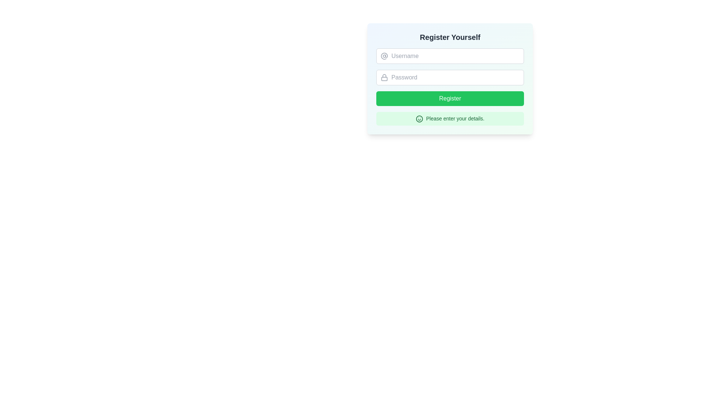 Image resolution: width=709 pixels, height=399 pixels. What do you see at coordinates (419, 118) in the screenshot?
I see `the circular graphical element used as part of an icon located on the left side of the text area at the bottom of the feedback form` at bounding box center [419, 118].